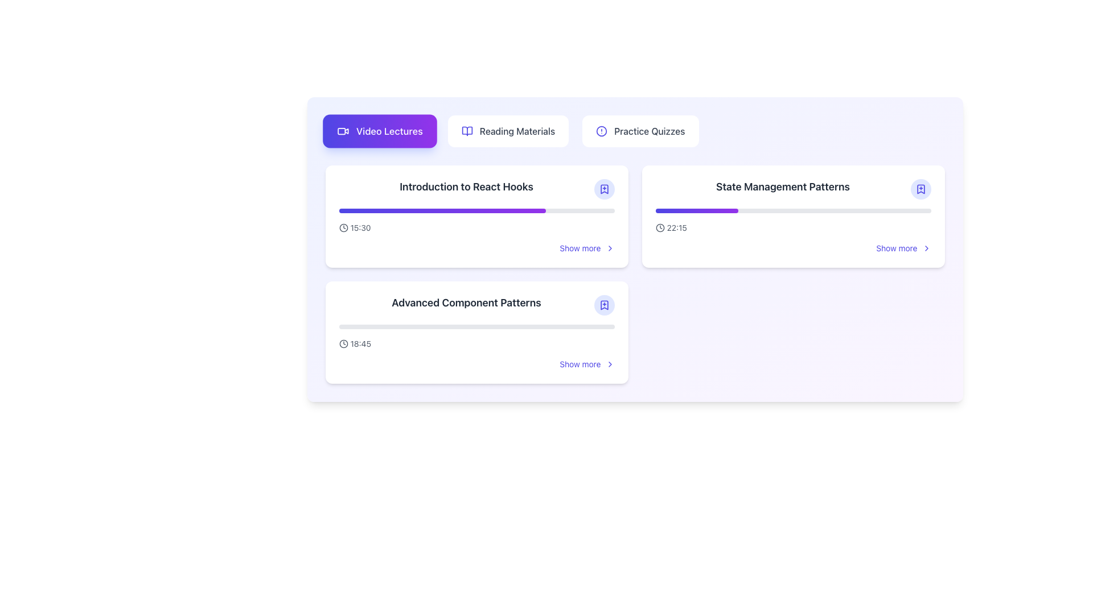 This screenshot has height=614, width=1093. Describe the element at coordinates (603, 304) in the screenshot. I see `the bookmark icon button located at the top-right corner of the 'Advanced Component Patterns' card` at that location.